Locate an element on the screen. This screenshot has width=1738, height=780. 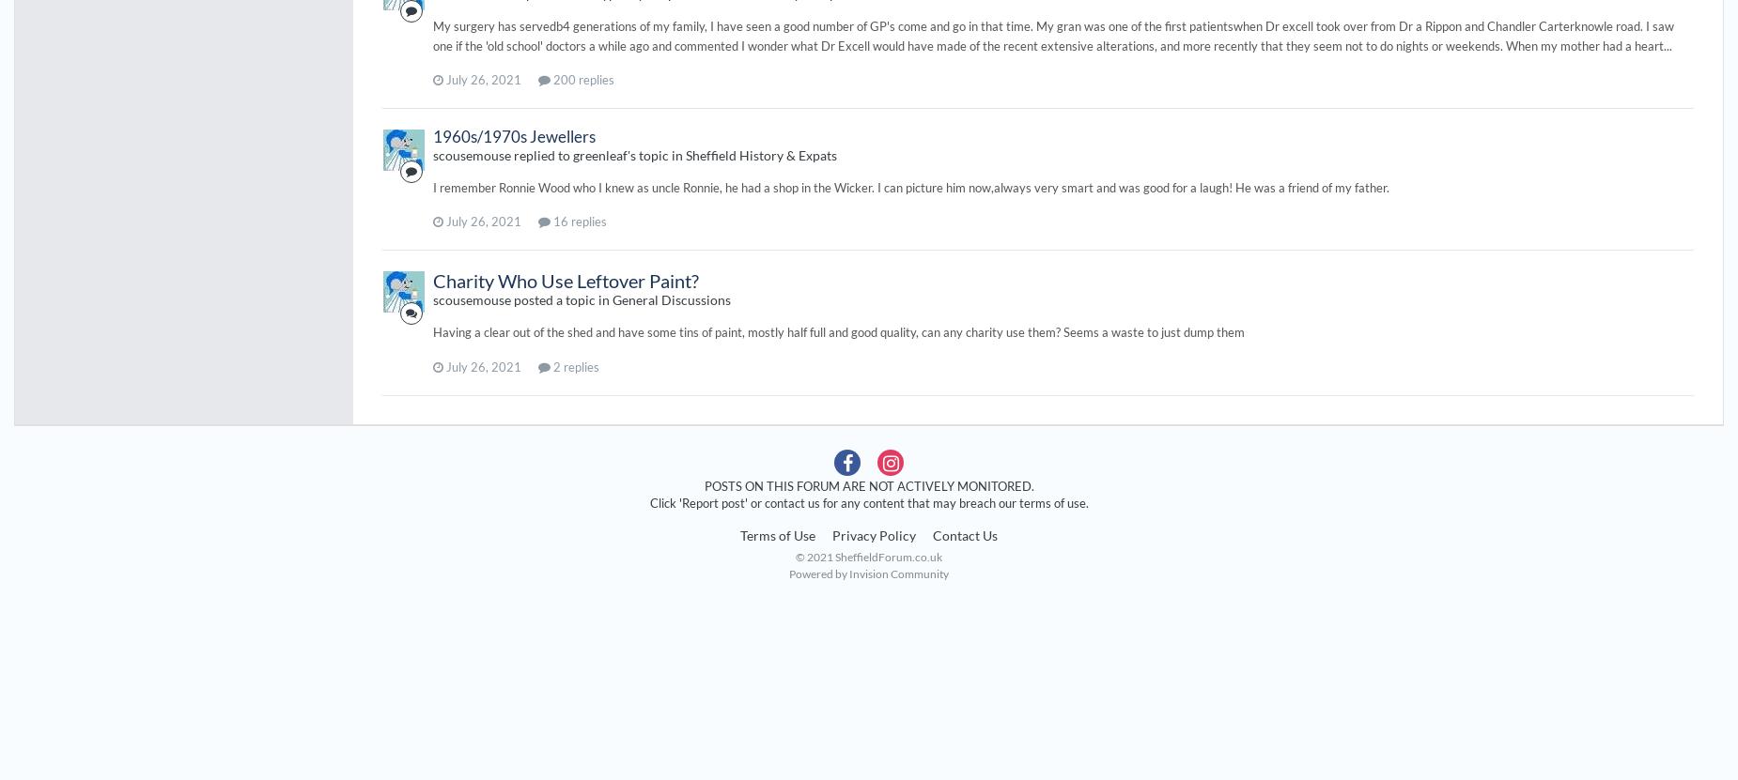
'Contact Us' is located at coordinates (932, 534).